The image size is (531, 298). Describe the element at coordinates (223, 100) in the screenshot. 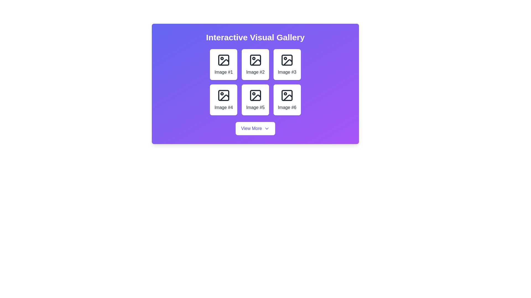

I see `the card item labeled 'Image #4' which is styled with a white background and rounded corners, located in the second row, first column of the grid layout` at that location.